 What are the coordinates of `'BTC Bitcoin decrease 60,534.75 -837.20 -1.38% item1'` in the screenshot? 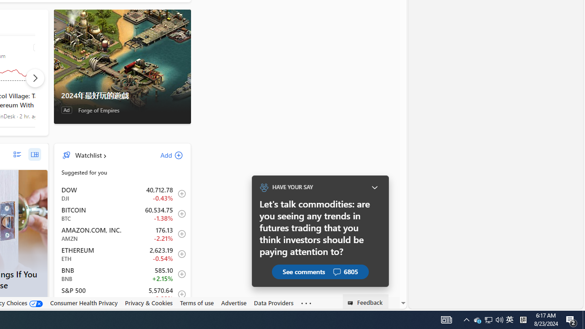 It's located at (122, 214).